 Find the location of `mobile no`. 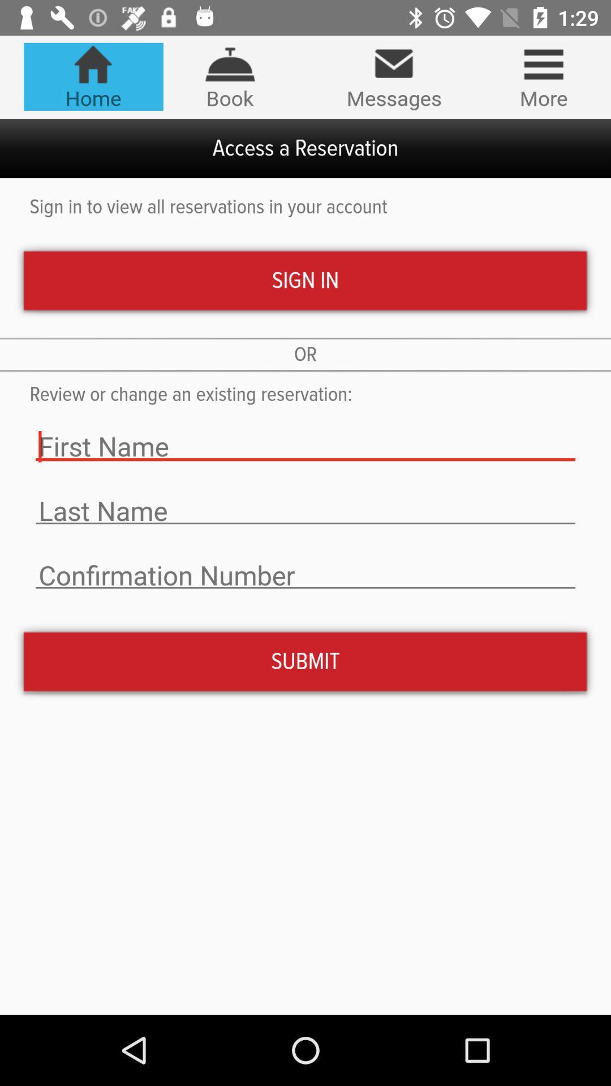

mobile no is located at coordinates (305, 575).